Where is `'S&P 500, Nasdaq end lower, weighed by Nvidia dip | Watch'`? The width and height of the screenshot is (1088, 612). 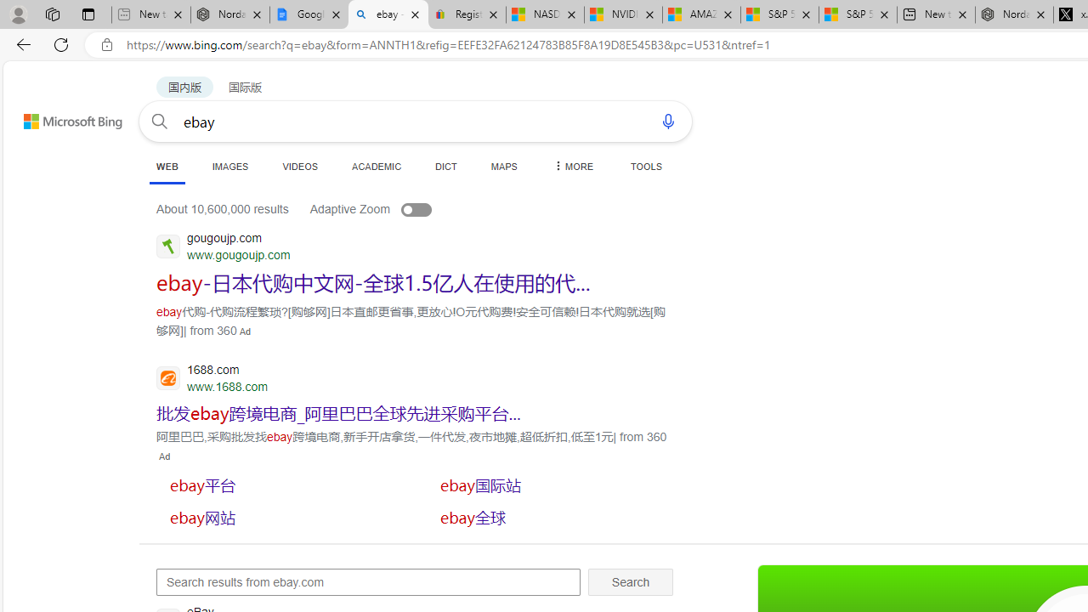
'S&P 500, Nasdaq end lower, weighed by Nvidia dip | Watch' is located at coordinates (858, 14).